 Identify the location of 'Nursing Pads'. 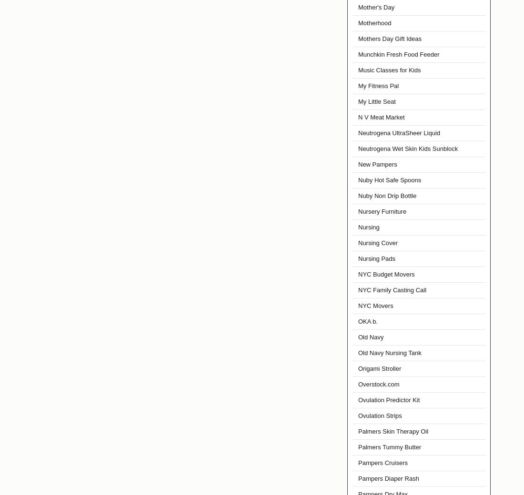
(377, 258).